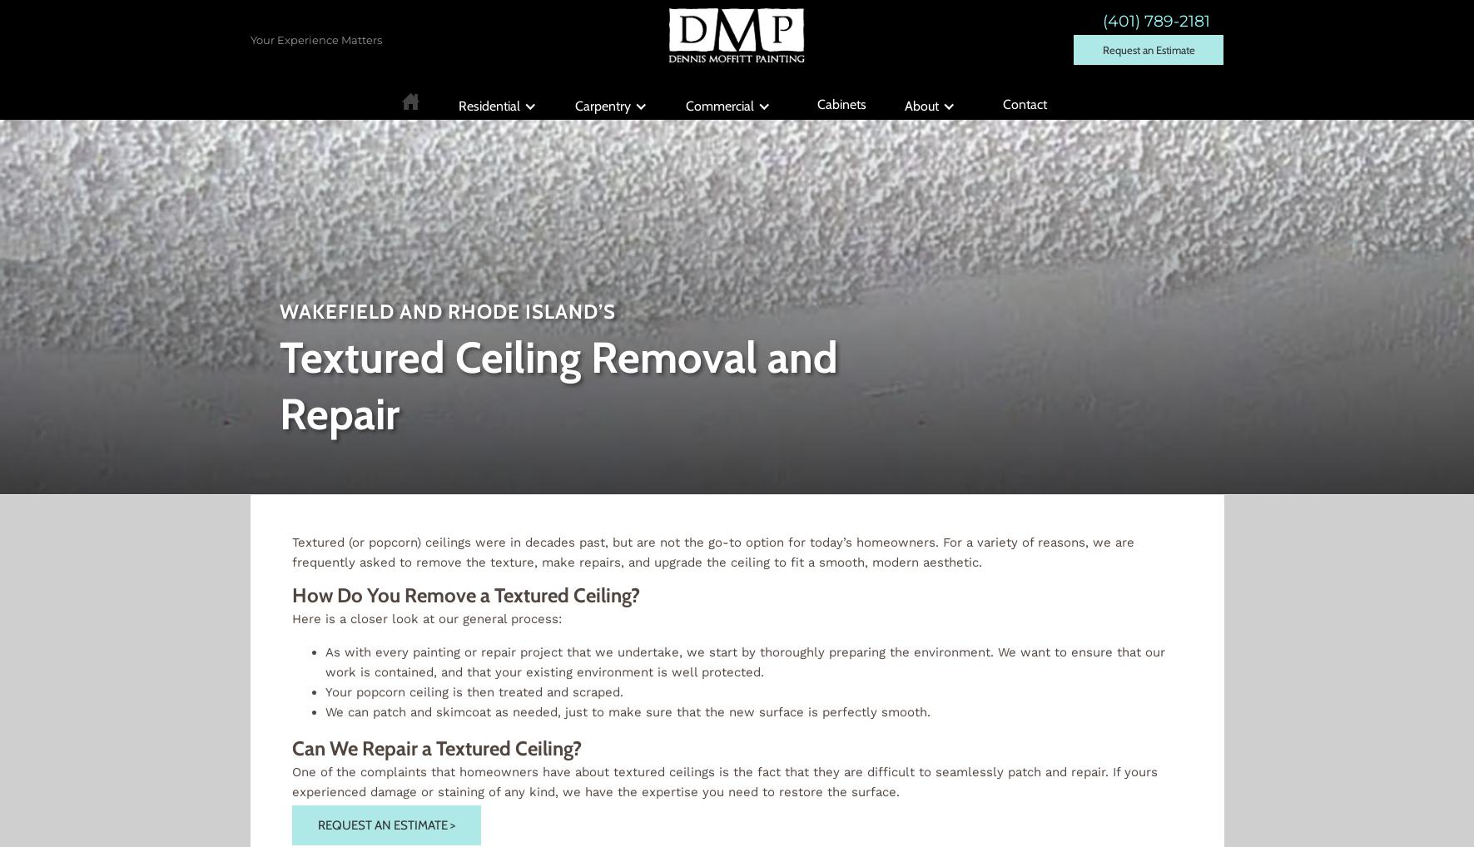  Describe the element at coordinates (711, 552) in the screenshot. I see `'Textured (or popcorn) ceilings were in decades past, but are not the go-to option for today’s homeowners. For a variety of reasons, we are frequently asked to remove the texture, make repairs, and upgrade the ceiling to fit a smooth, modern aesthetic.'` at that location.